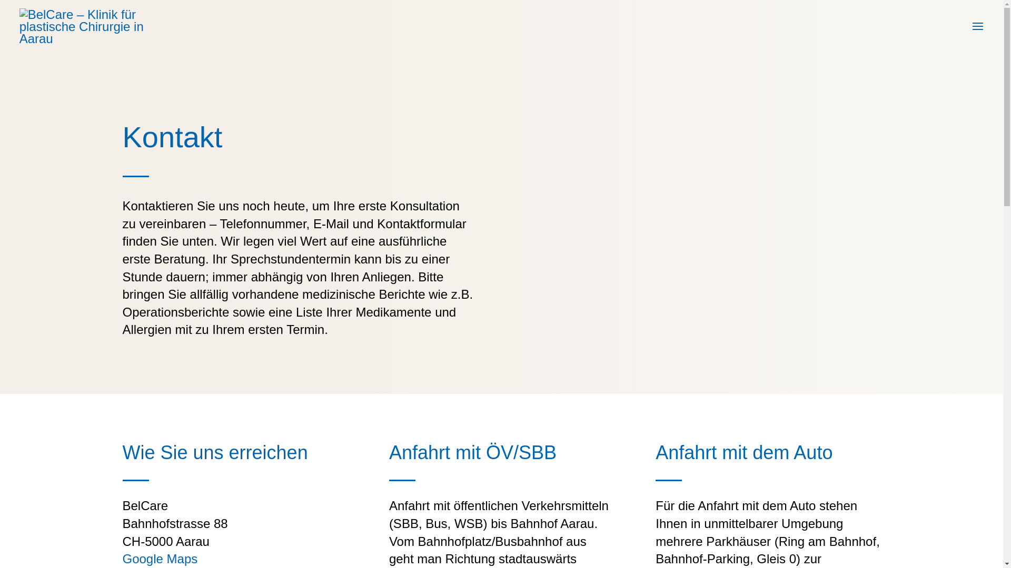  I want to click on 'Google Maps', so click(159, 558).